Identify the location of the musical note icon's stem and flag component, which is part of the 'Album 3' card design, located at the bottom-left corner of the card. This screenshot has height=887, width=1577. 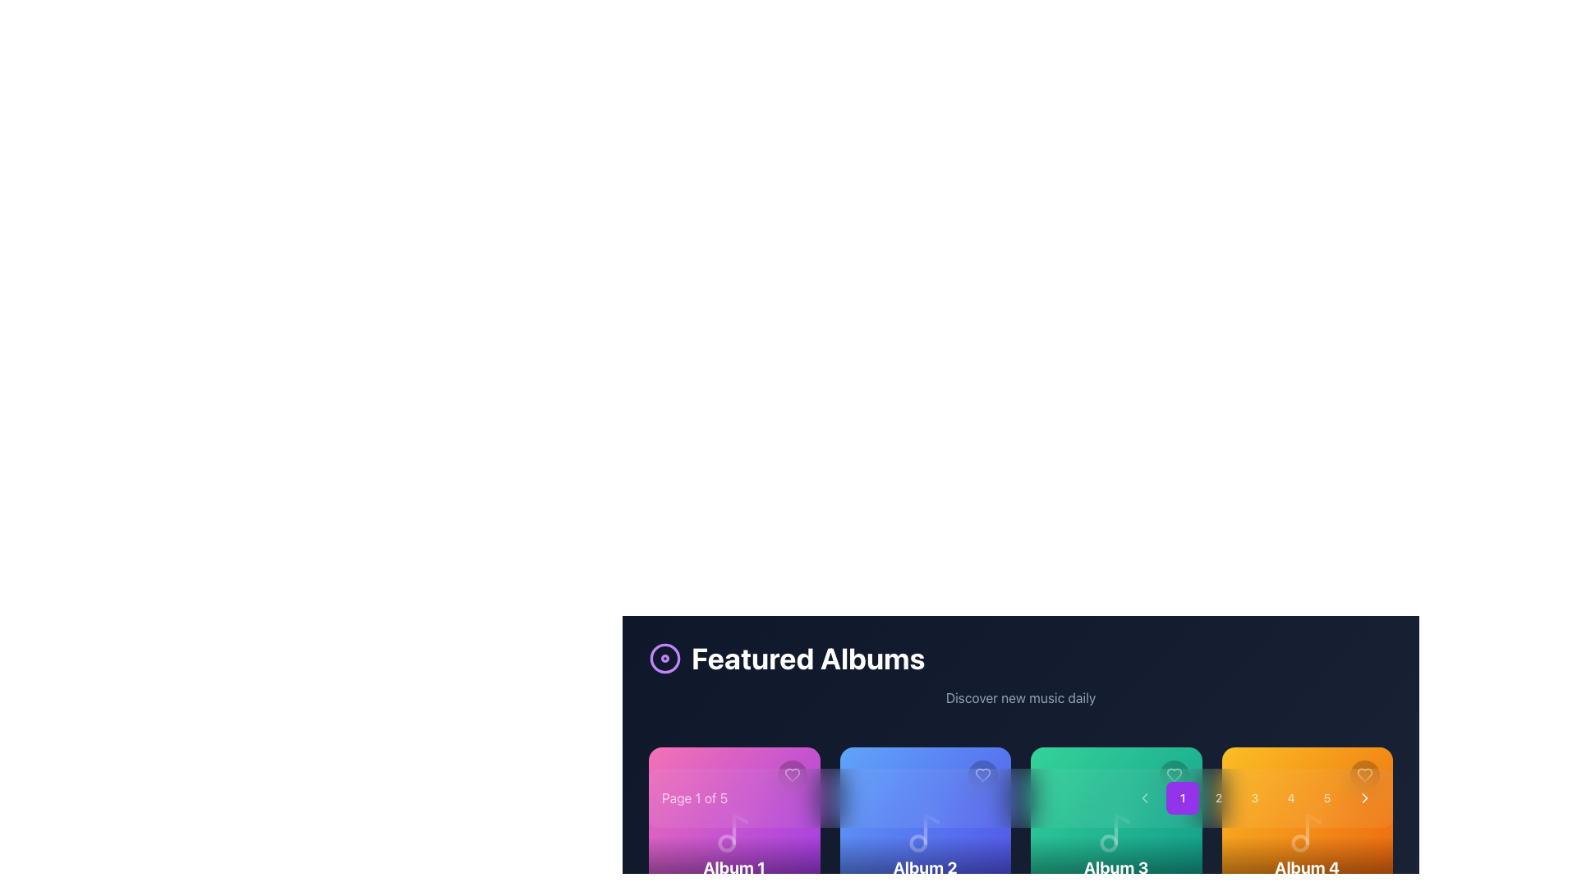
(1121, 829).